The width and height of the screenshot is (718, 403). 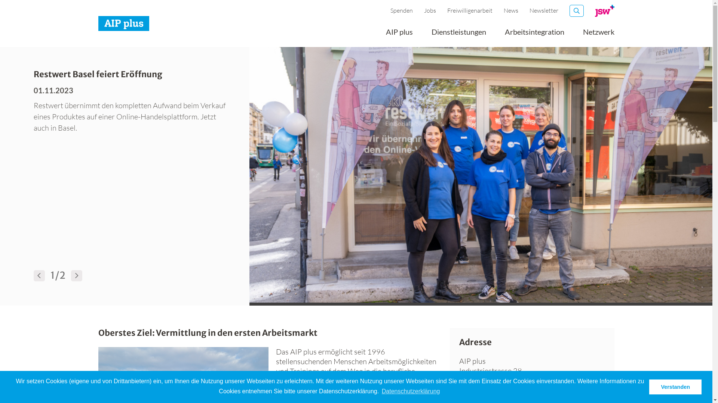 I want to click on 'Newsletter', so click(x=544, y=10).